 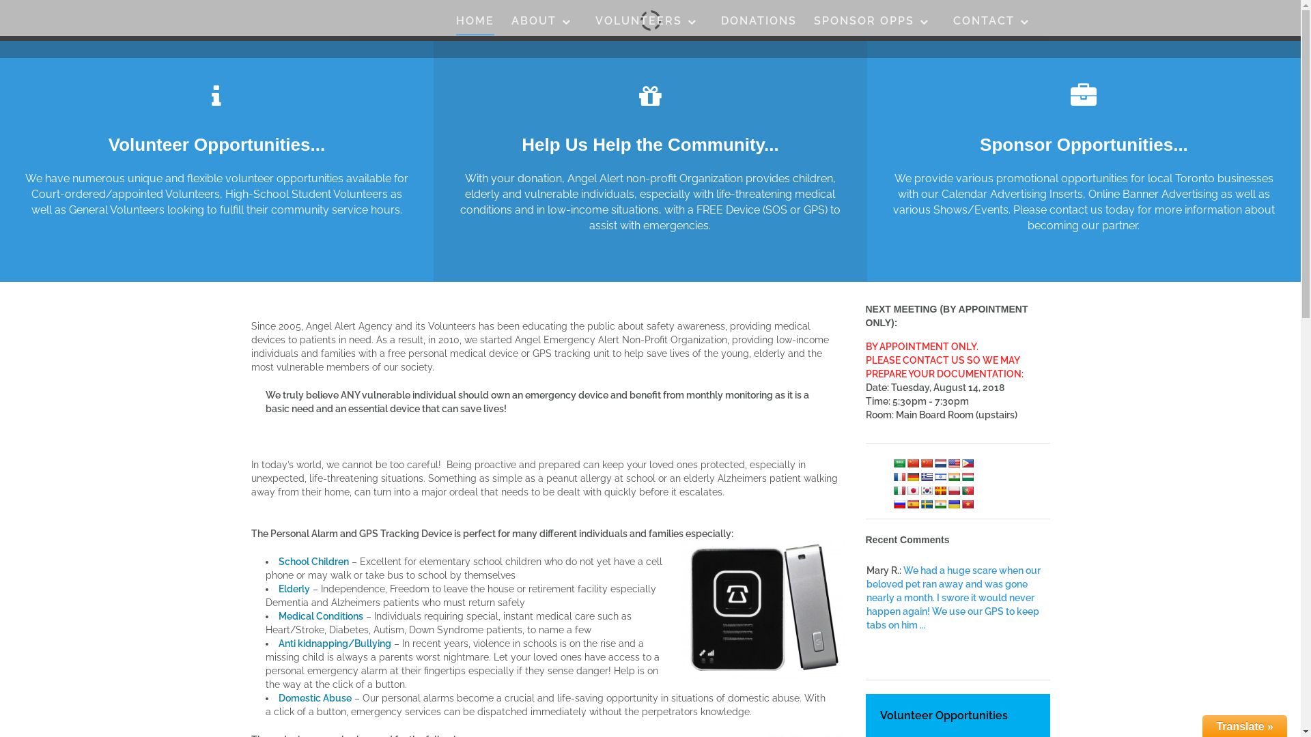 I want to click on 'SPONSOR OPPS', so click(x=875, y=23).